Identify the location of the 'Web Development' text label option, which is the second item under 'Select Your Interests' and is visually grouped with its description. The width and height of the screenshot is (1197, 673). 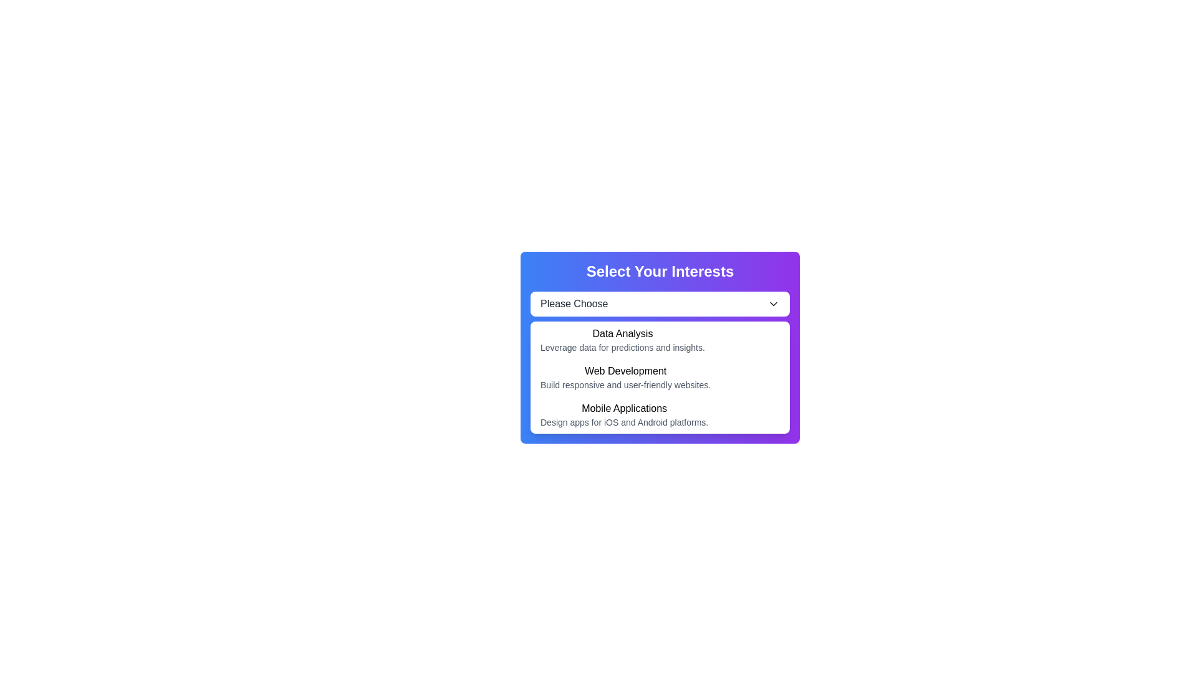
(625, 376).